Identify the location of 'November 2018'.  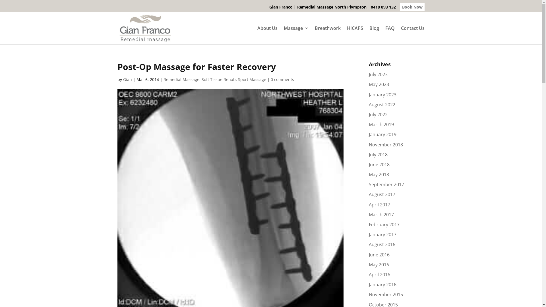
(386, 144).